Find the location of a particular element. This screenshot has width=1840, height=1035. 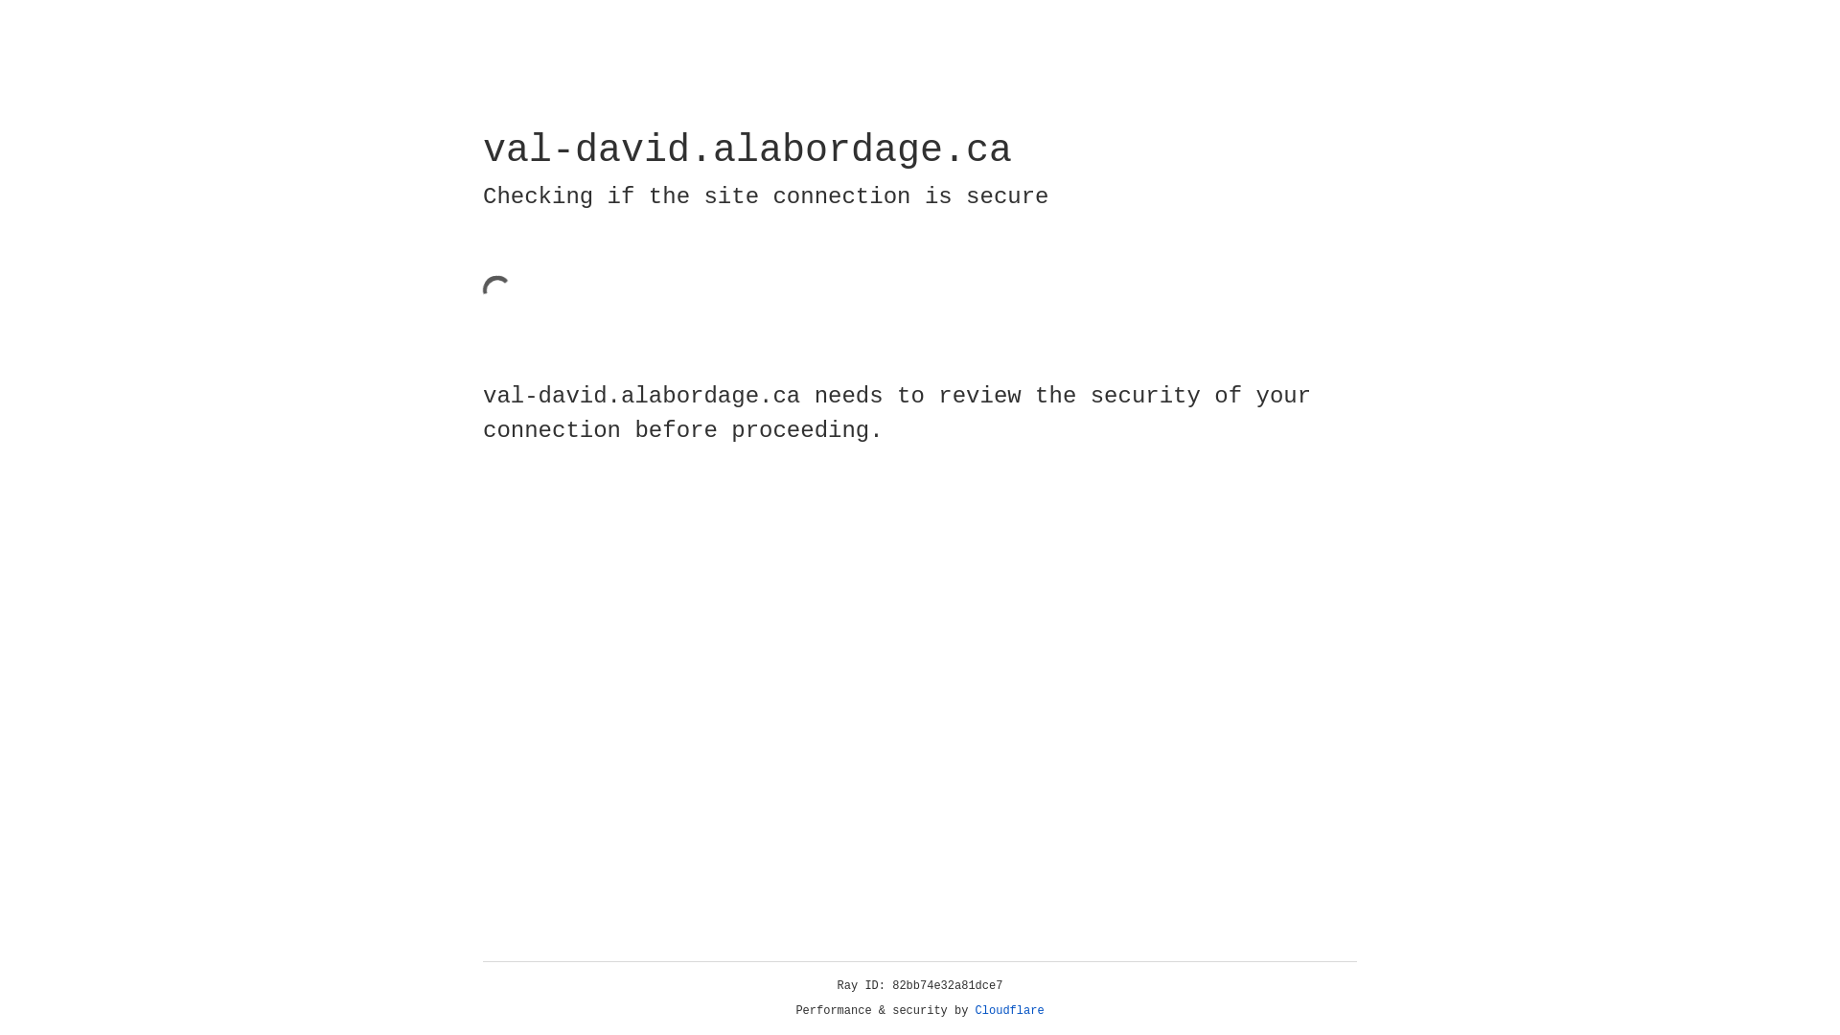

'Cloudflare' is located at coordinates (1009, 1010).